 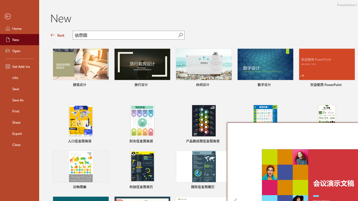 I want to click on 'Export', so click(x=19, y=133).